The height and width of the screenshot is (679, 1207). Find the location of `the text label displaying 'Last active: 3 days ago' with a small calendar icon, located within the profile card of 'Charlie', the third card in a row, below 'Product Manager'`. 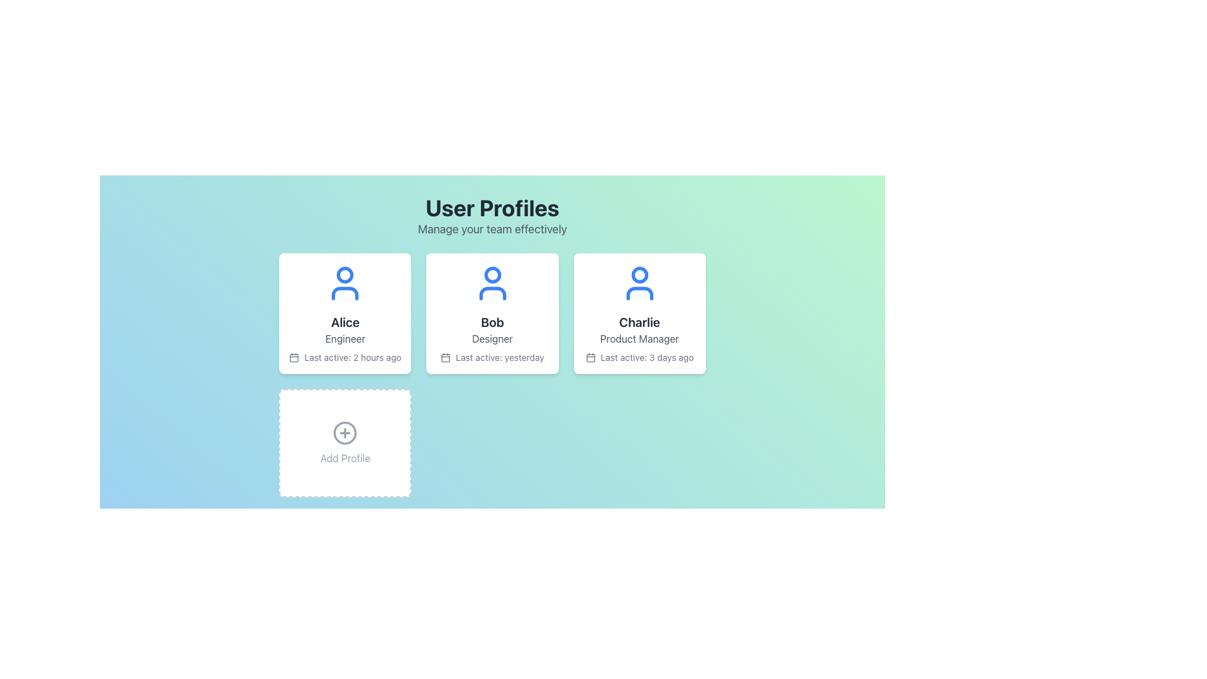

the text label displaying 'Last active: 3 days ago' with a small calendar icon, located within the profile card of 'Charlie', the third card in a row, below 'Product Manager' is located at coordinates (639, 358).